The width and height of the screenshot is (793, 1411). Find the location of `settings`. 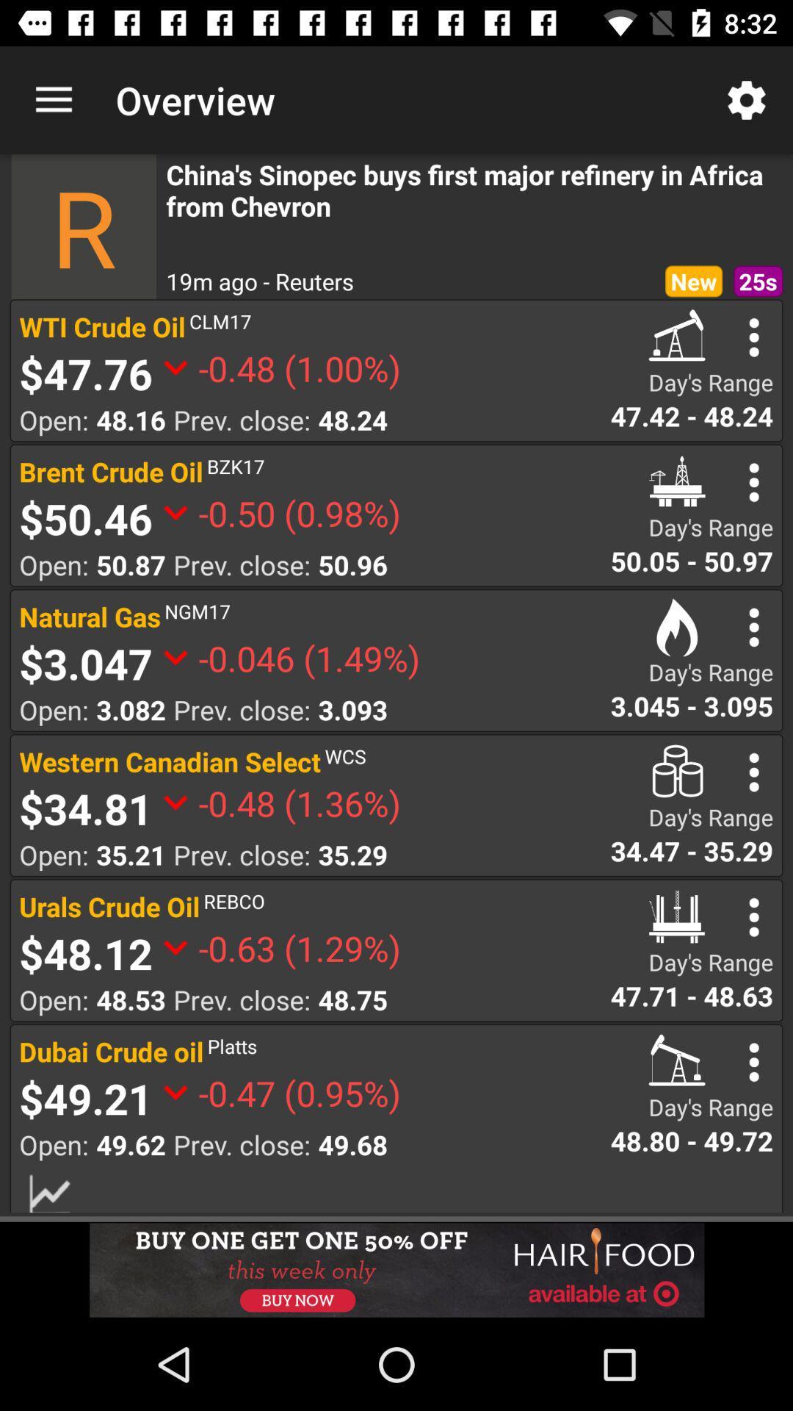

settings is located at coordinates (754, 772).